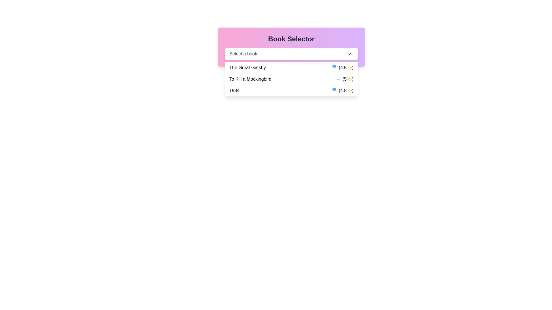 Image resolution: width=552 pixels, height=310 pixels. What do you see at coordinates (248, 67) in the screenshot?
I see `the text label that represents the title of a book in the dropdown menu for book selection, located on the left side of the list item` at bounding box center [248, 67].